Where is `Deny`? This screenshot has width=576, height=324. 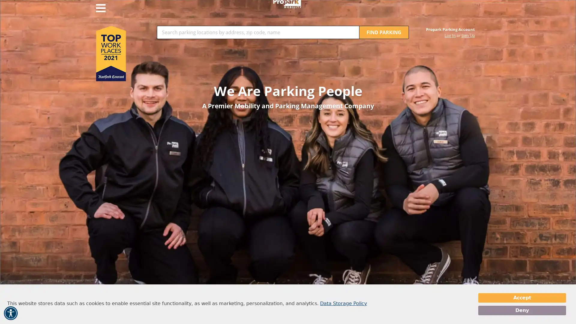 Deny is located at coordinates (522, 310).